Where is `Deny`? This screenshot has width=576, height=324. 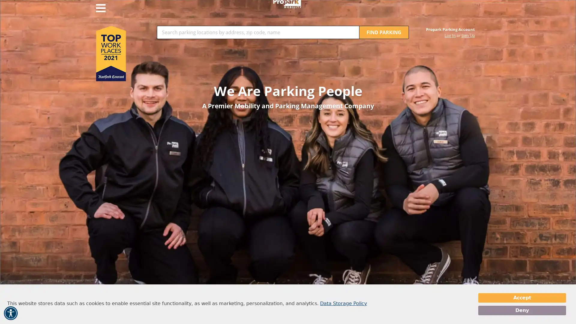 Deny is located at coordinates (522, 310).